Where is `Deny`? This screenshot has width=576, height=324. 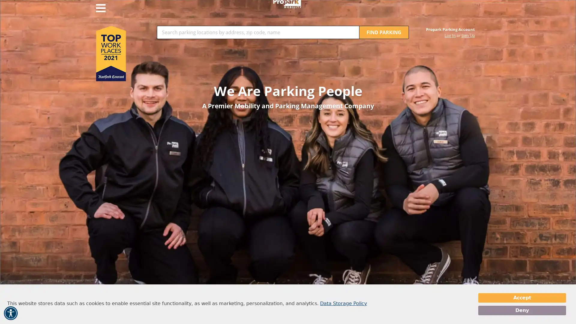 Deny is located at coordinates (522, 310).